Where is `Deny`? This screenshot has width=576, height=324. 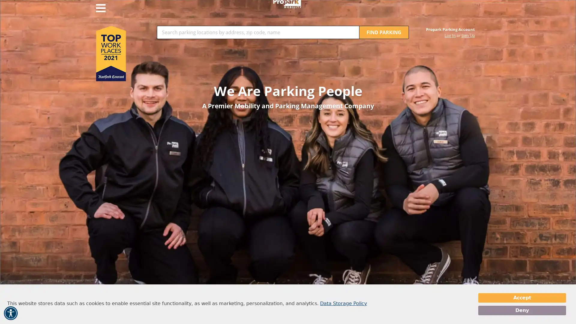 Deny is located at coordinates (522, 310).